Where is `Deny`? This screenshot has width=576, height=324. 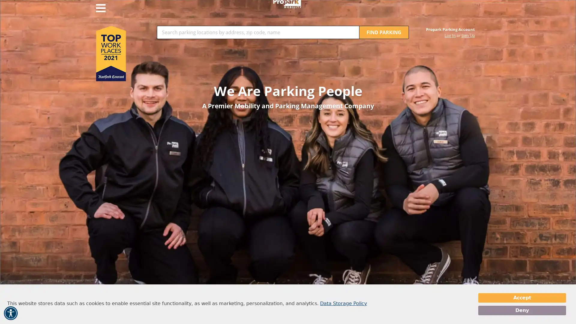 Deny is located at coordinates (522, 310).